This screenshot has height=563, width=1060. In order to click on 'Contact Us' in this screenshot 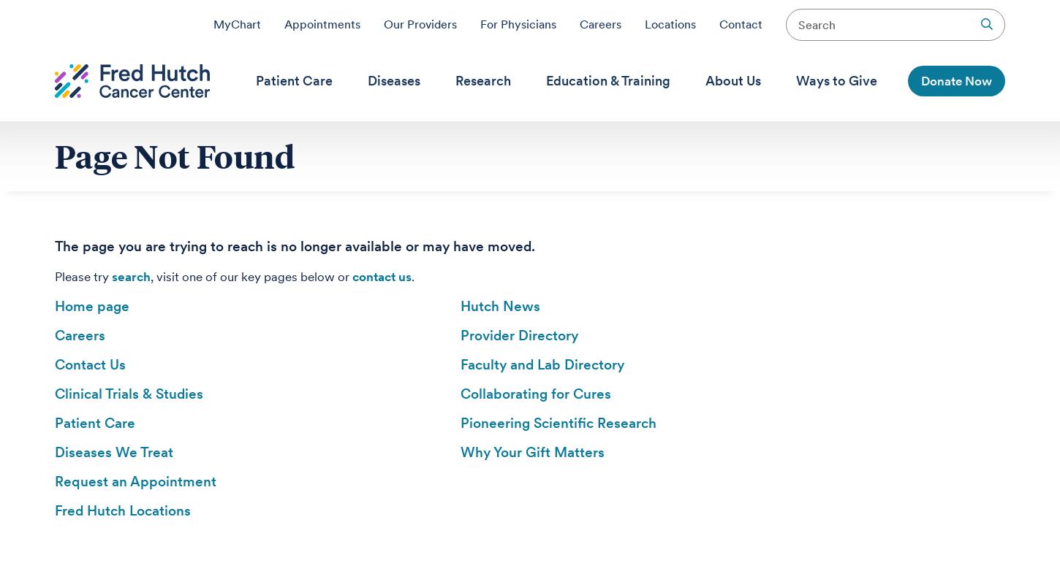, I will do `click(89, 364)`.